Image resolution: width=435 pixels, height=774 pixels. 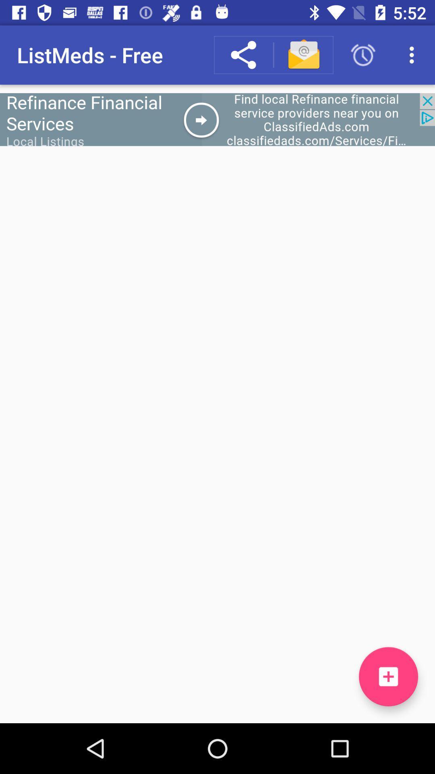 I want to click on advertisement, so click(x=217, y=119).